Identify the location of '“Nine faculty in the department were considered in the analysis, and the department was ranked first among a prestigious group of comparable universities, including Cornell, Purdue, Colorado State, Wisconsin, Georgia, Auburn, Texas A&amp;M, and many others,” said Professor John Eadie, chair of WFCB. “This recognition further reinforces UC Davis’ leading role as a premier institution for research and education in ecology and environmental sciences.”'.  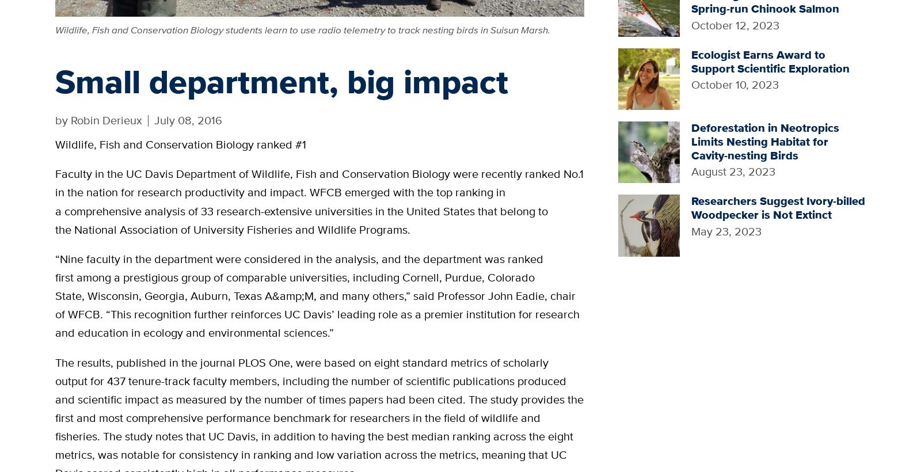
(317, 295).